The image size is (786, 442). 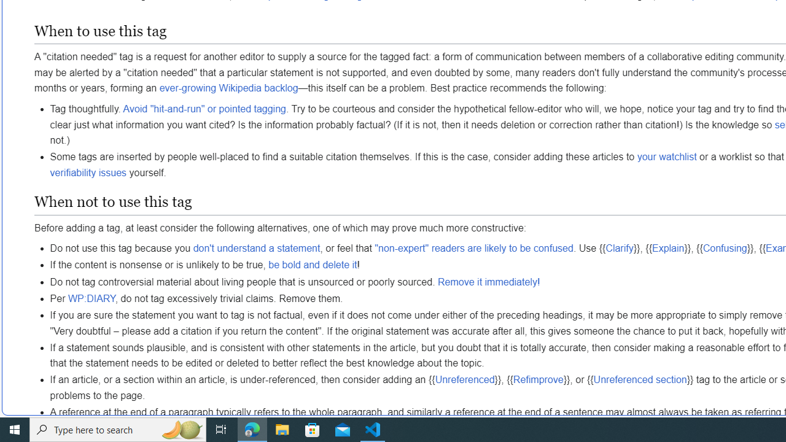 What do you see at coordinates (666, 156) in the screenshot?
I see `'your watchlist'` at bounding box center [666, 156].